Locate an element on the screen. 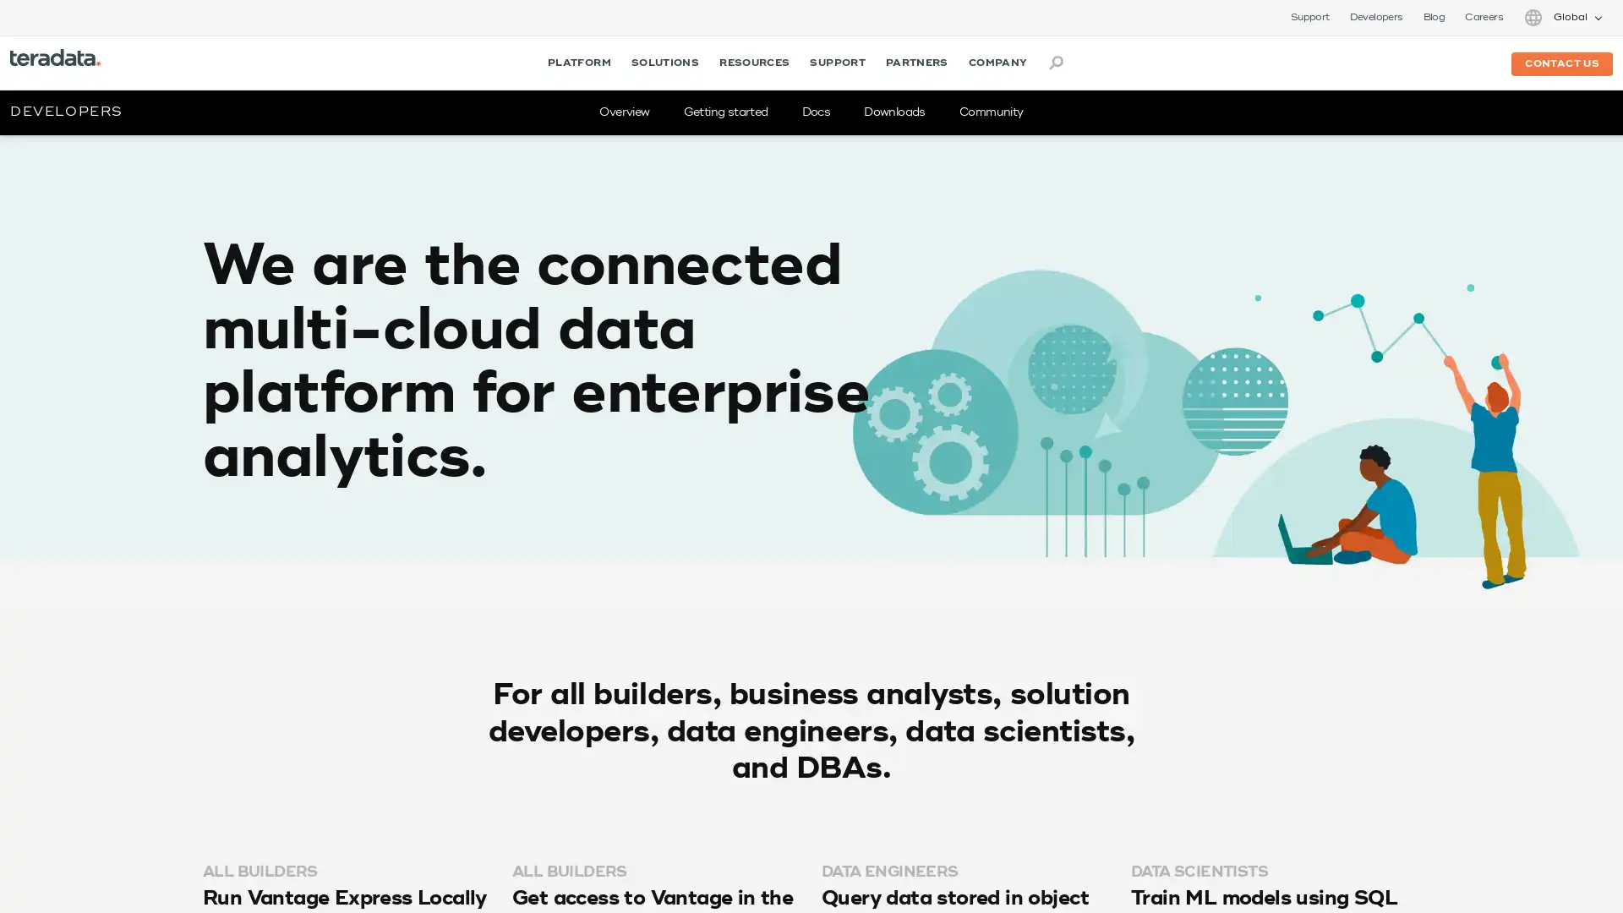 The height and width of the screenshot is (913, 1623). Global is located at coordinates (1561, 17).